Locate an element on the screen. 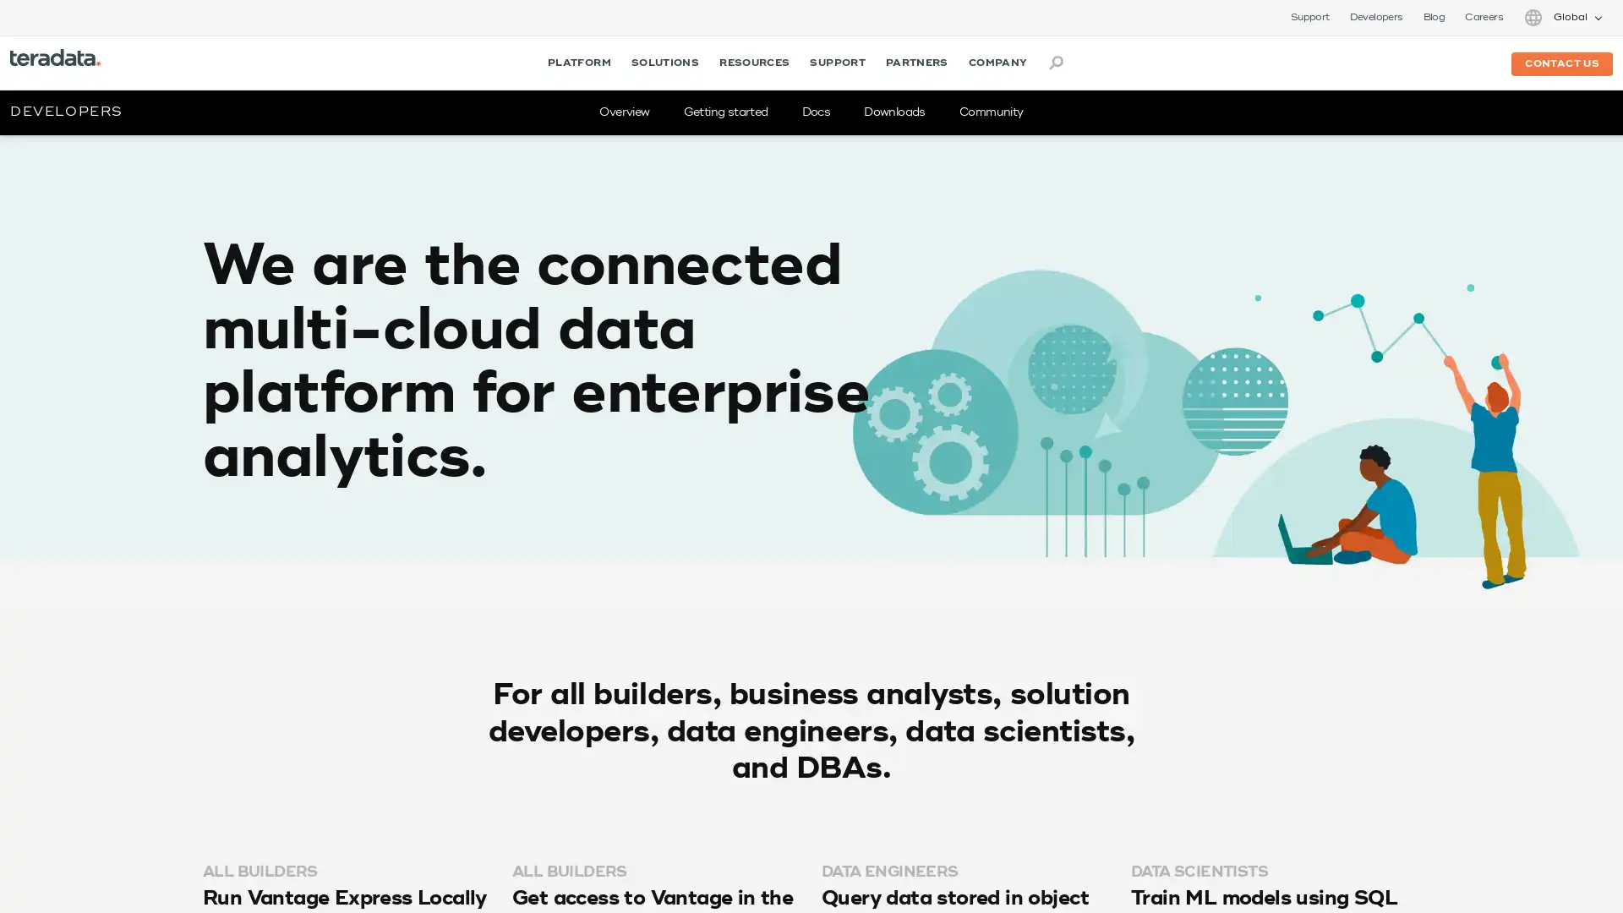 The height and width of the screenshot is (913, 1623). Global is located at coordinates (1561, 17).